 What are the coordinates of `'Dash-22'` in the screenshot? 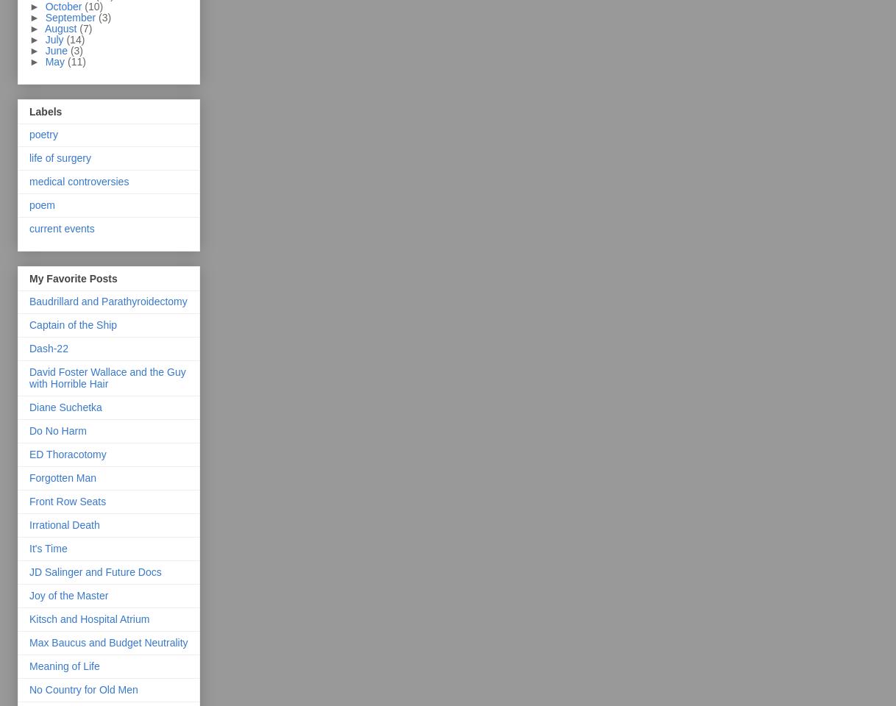 It's located at (48, 349).